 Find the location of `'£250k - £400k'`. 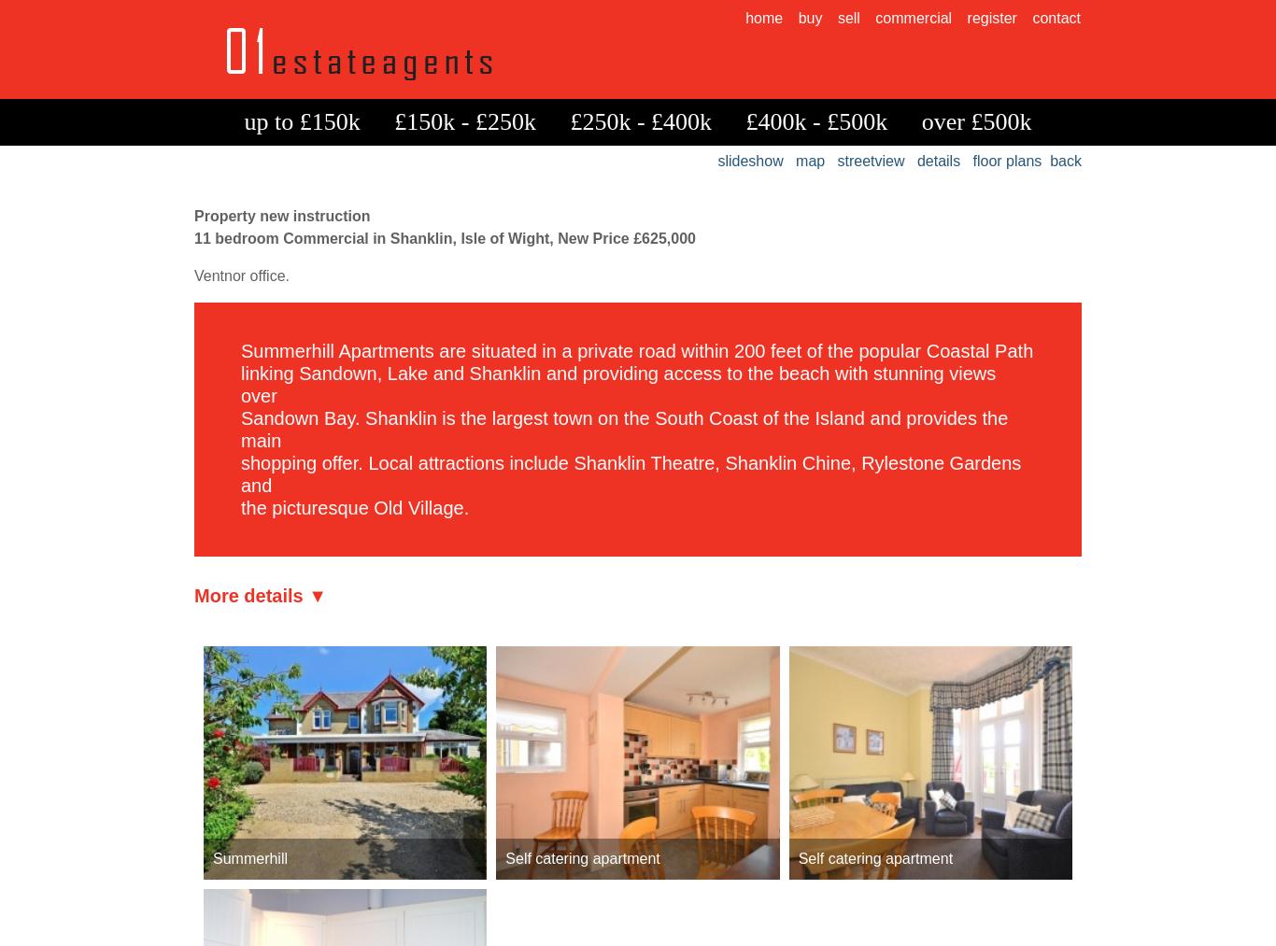

'£250k - £400k' is located at coordinates (641, 121).